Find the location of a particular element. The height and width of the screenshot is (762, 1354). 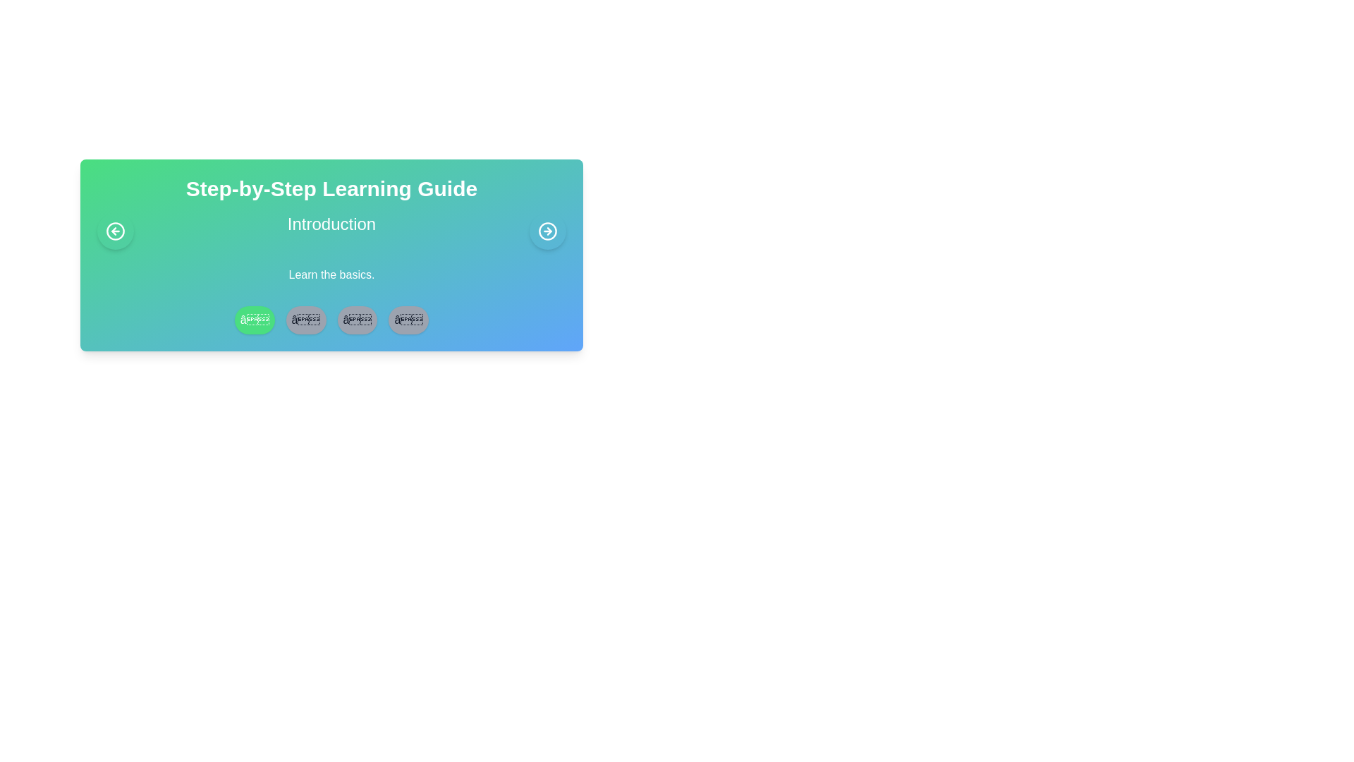

the small right-pointing arrow icon, which is a chevron shape within a circular icon on the rightmost side of the header area of the gradient-colored card is located at coordinates (549, 230).